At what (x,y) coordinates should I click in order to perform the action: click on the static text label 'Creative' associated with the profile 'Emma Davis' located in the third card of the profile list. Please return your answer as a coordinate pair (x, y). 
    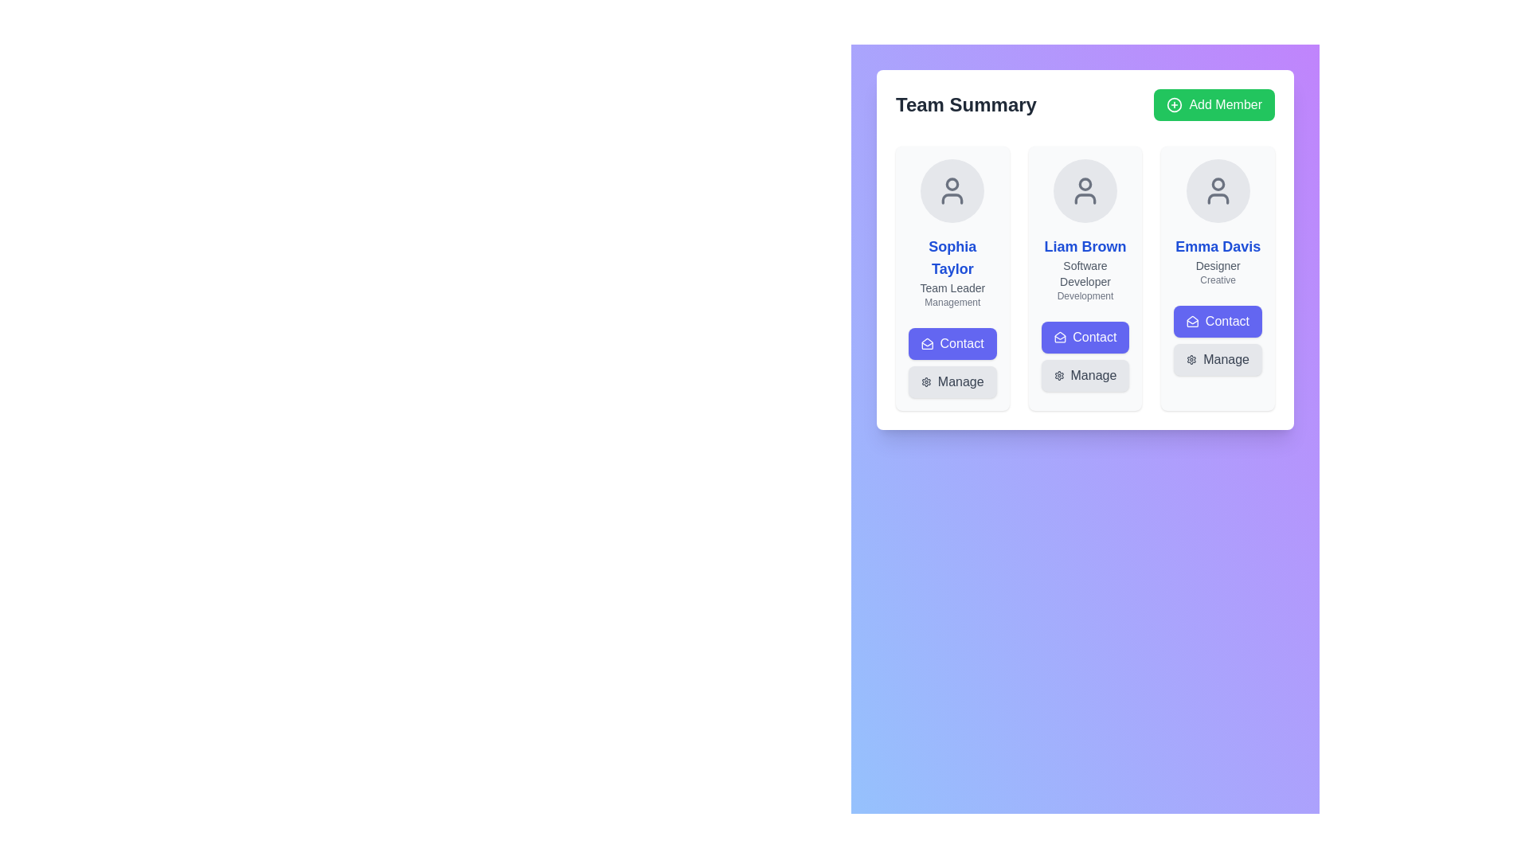
    Looking at the image, I should click on (1217, 279).